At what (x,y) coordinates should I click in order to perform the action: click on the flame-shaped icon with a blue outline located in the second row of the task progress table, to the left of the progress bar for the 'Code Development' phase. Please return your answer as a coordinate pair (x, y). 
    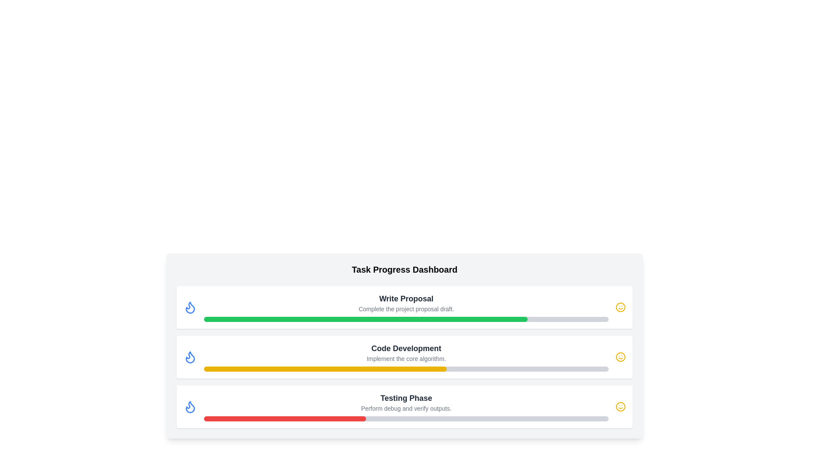
    Looking at the image, I should click on (190, 357).